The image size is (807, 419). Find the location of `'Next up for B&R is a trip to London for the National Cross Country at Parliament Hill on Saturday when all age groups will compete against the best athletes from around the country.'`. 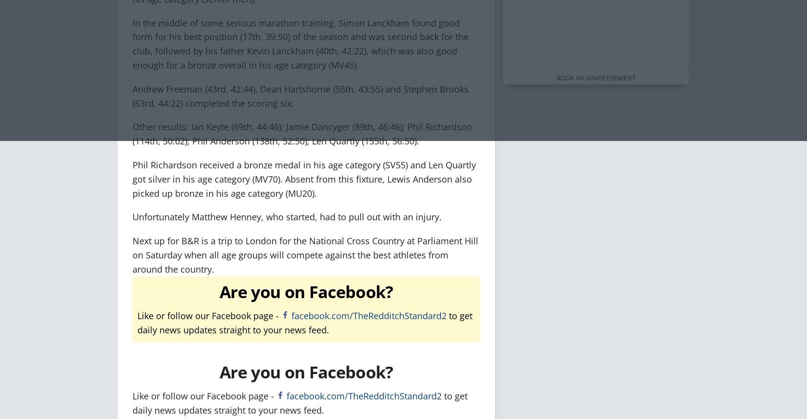

'Next up for B&R is a trip to London for the National Cross Country at Parliament Hill on Saturday when all age groups will compete against the best athletes from around the country.' is located at coordinates (305, 255).